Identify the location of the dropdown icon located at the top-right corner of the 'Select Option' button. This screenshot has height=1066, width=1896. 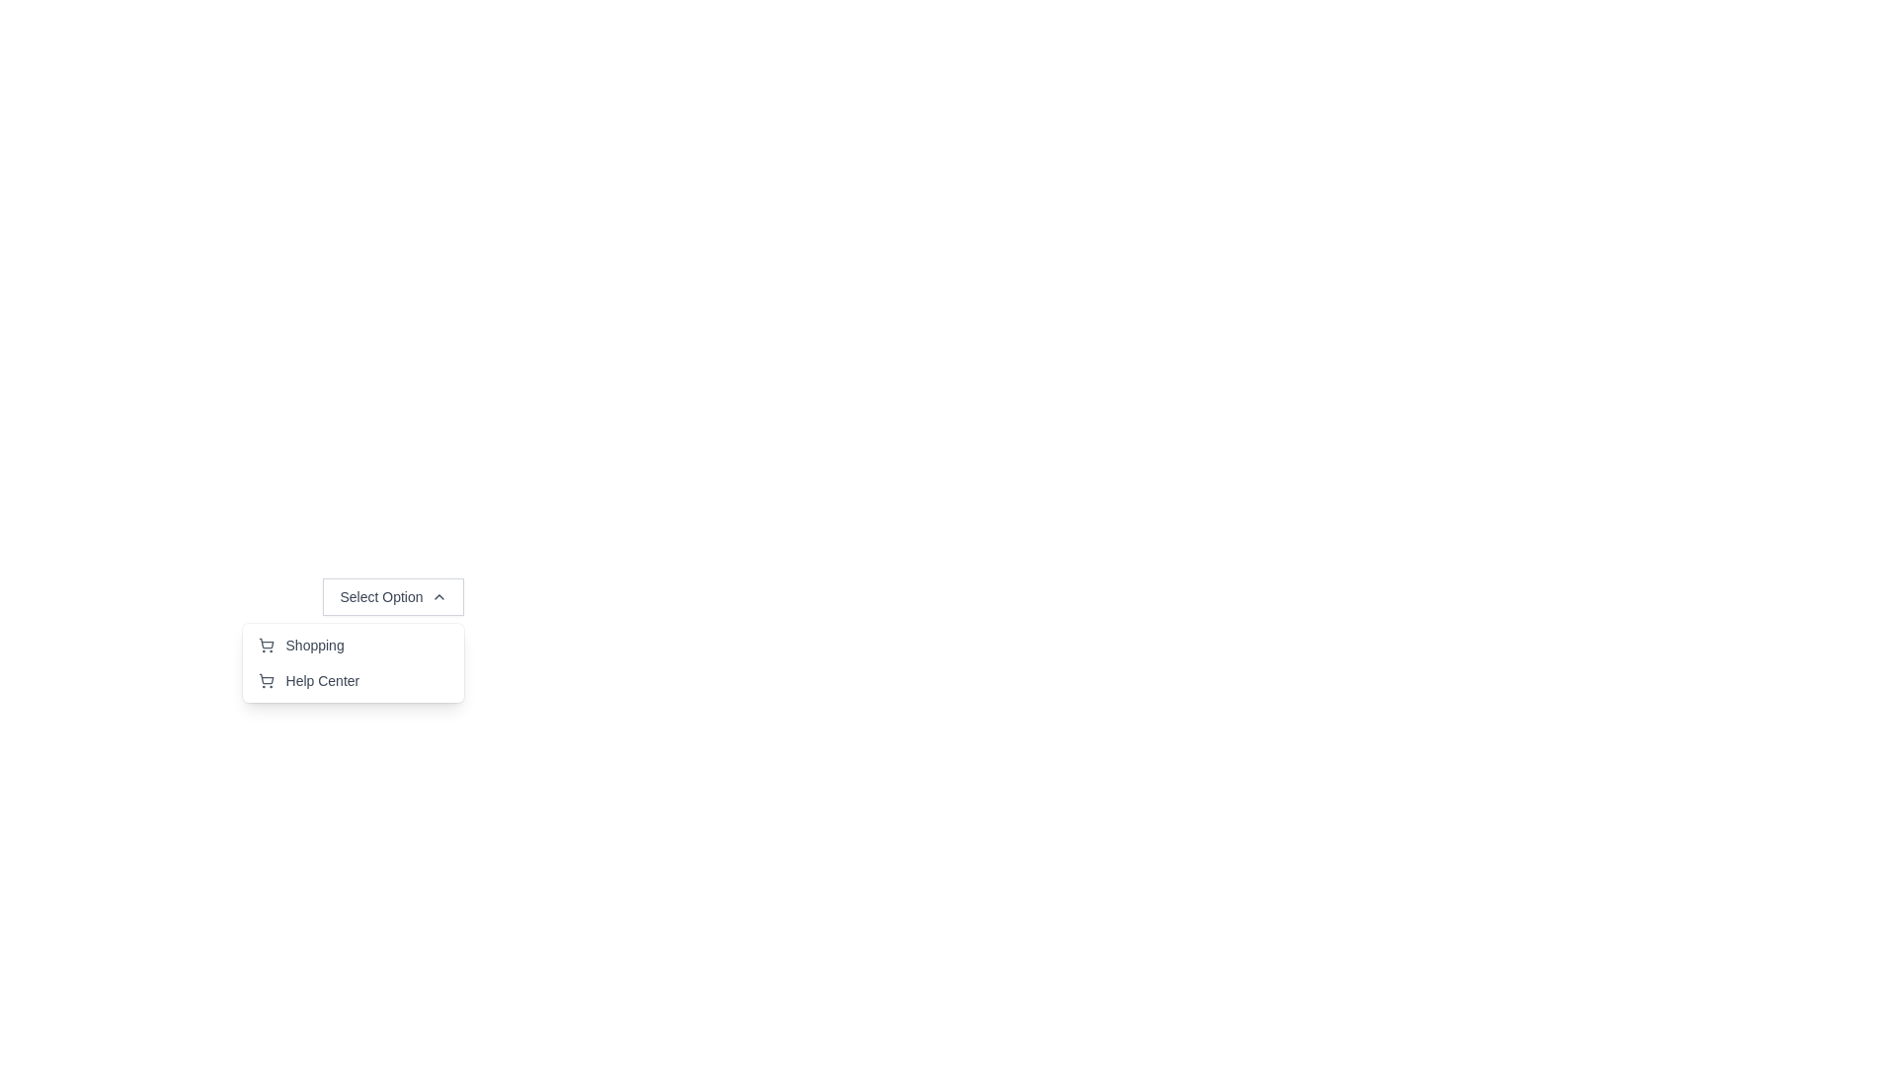
(437, 596).